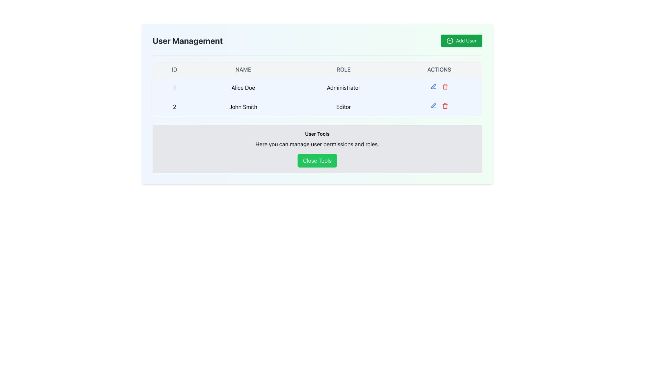 This screenshot has width=659, height=370. Describe the element at coordinates (450, 41) in the screenshot. I see `the leftmost icon within the green 'Add User' button located at the top-right of the user management card to initiate the action of adding a new user` at that location.